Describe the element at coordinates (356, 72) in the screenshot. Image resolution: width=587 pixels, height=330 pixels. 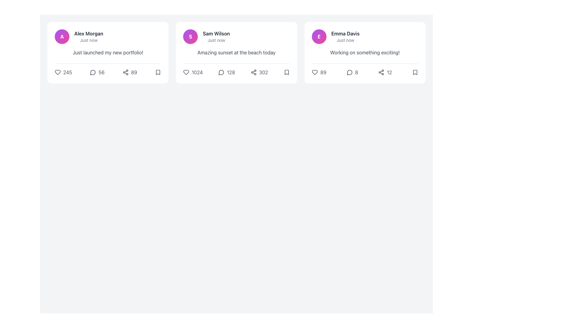
I see `the comment count text located at the bottom-right section of the third card in the horizontal list of user posts` at that location.